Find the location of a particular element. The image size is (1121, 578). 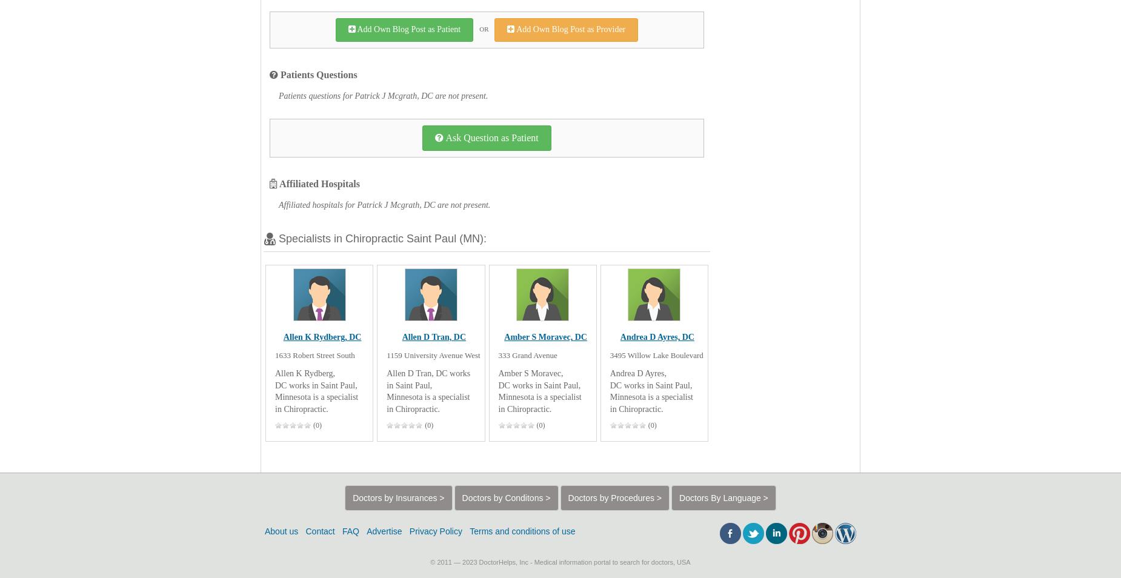

'OR' is located at coordinates (484, 28).